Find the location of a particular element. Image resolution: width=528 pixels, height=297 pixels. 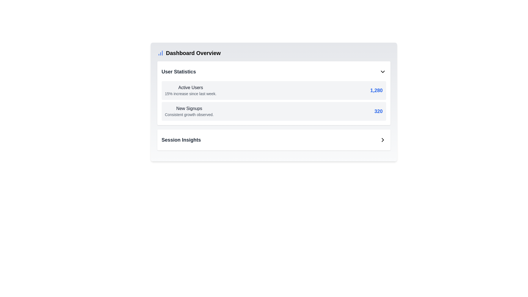

the small blue bar chart icon located to the left of the 'Dashboard Overview' title at the top of the section is located at coordinates (160, 53).